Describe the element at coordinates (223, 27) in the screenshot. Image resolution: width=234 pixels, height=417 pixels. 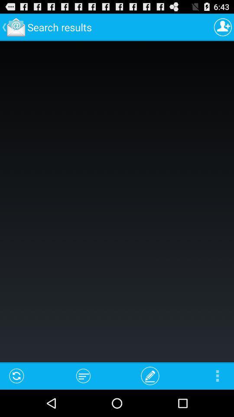
I see `the app to the right of search results` at that location.